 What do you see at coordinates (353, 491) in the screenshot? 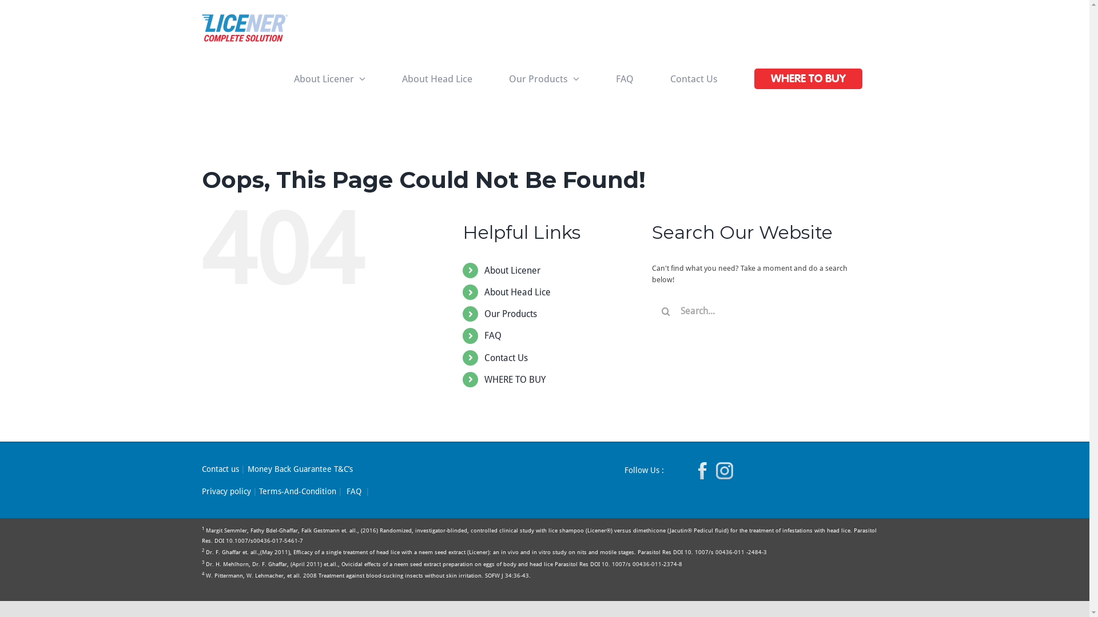
I see `'FAQ'` at bounding box center [353, 491].